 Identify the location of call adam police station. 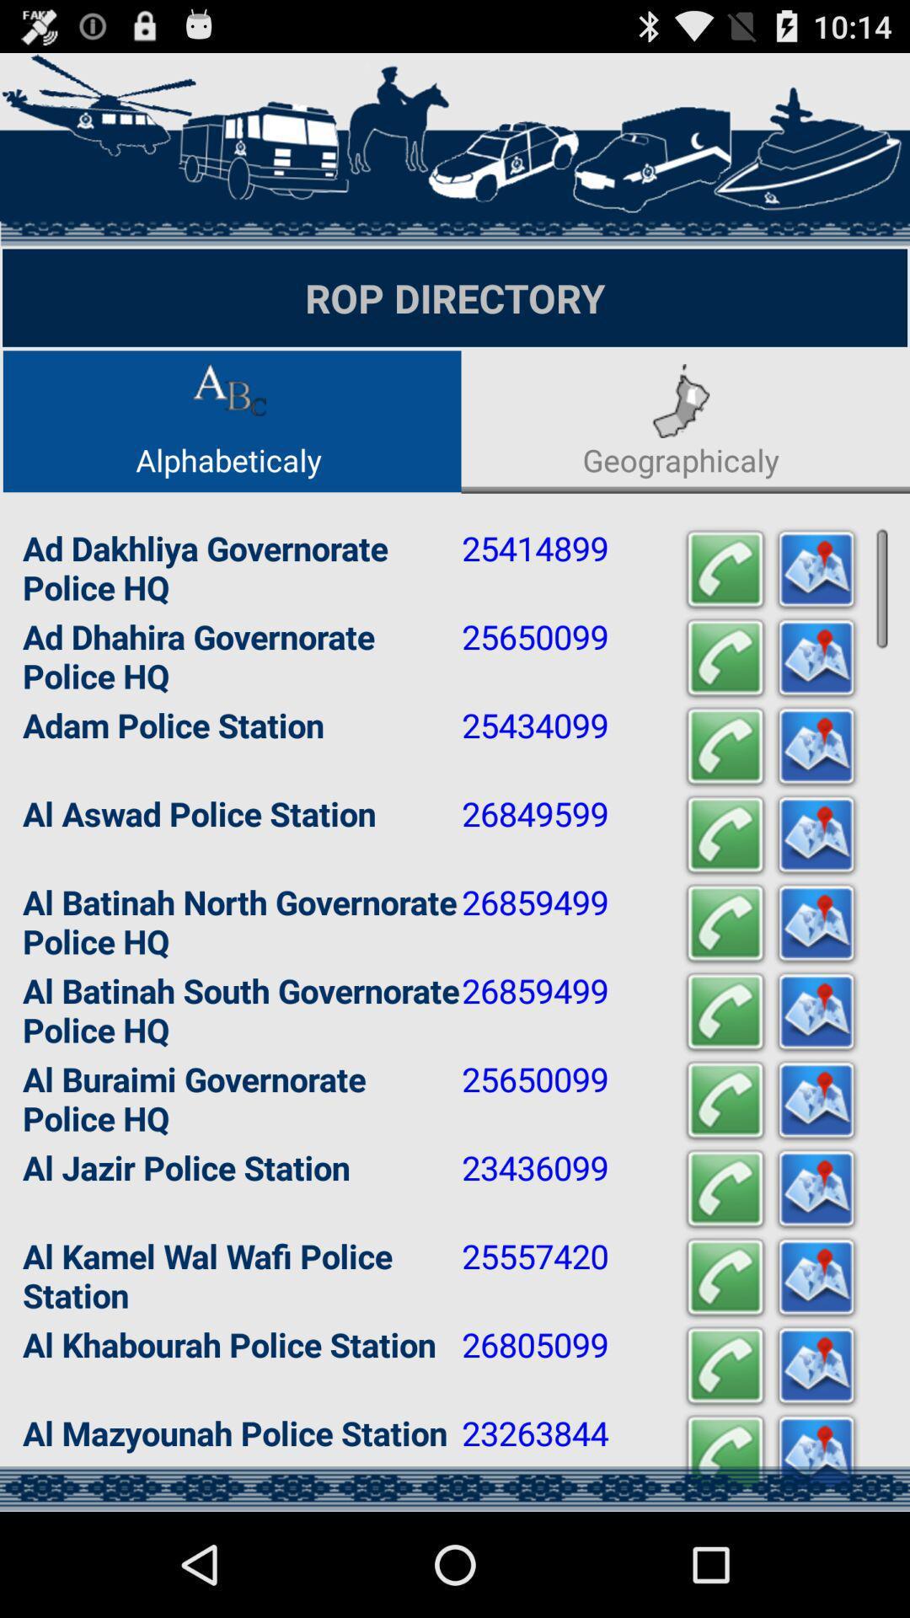
(724, 746).